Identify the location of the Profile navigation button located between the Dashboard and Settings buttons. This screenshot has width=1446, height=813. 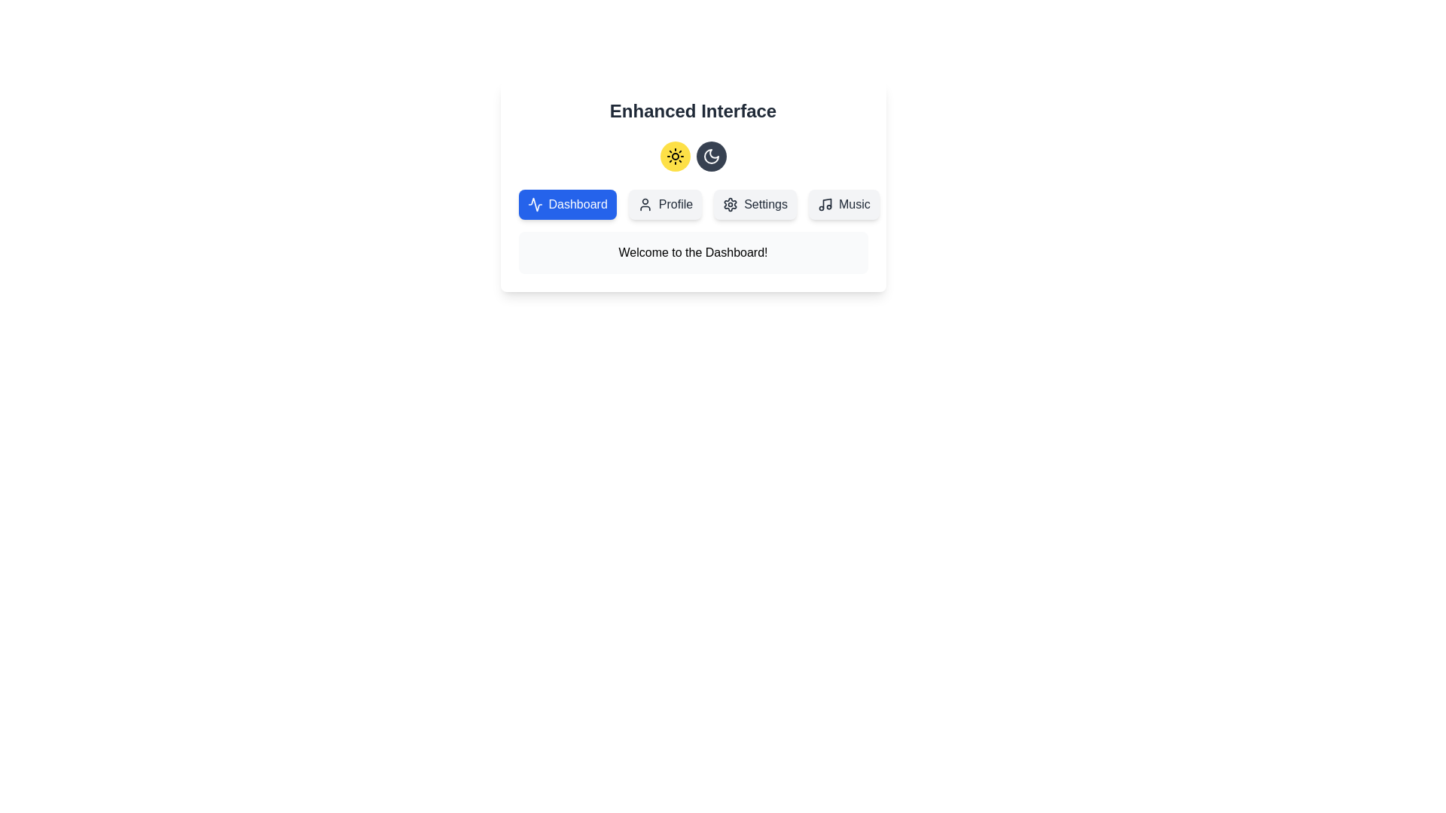
(664, 205).